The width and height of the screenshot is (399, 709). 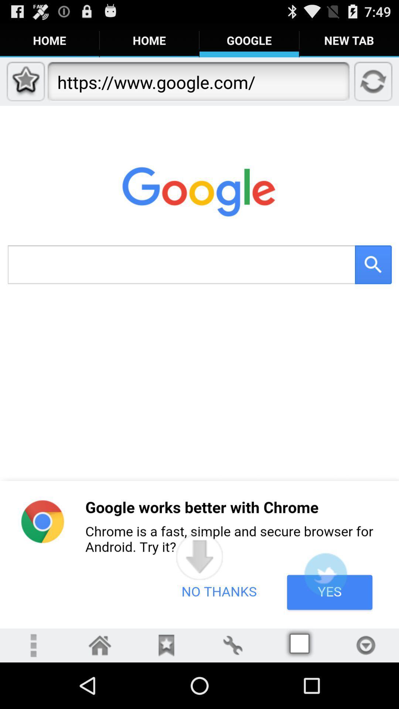 What do you see at coordinates (366, 645) in the screenshot?
I see `download` at bounding box center [366, 645].